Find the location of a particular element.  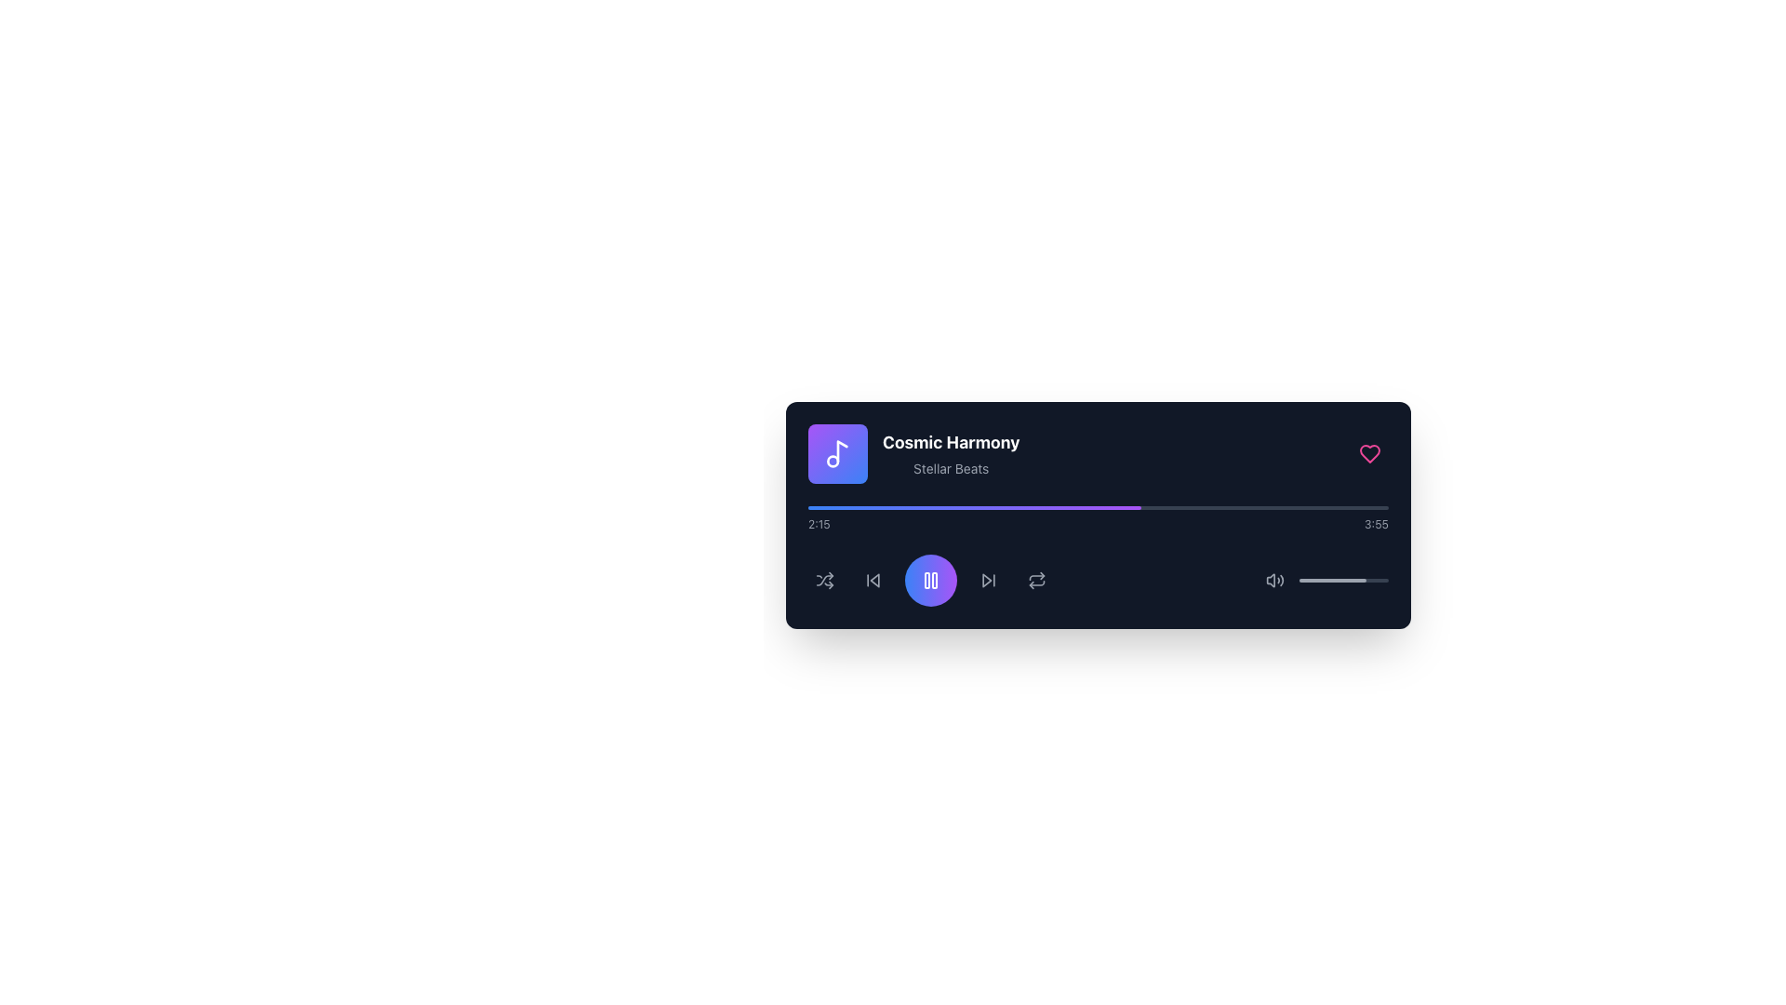

the volume slider is located at coordinates (1320, 580).